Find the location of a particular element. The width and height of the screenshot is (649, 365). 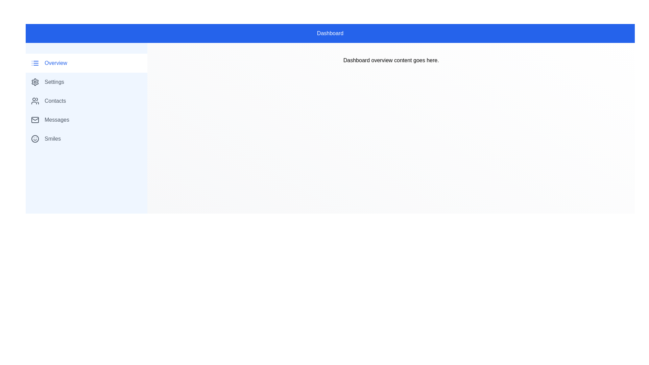

the 'Settings' icon located in the sidebar menu under the 'Overview' section is located at coordinates (35, 82).